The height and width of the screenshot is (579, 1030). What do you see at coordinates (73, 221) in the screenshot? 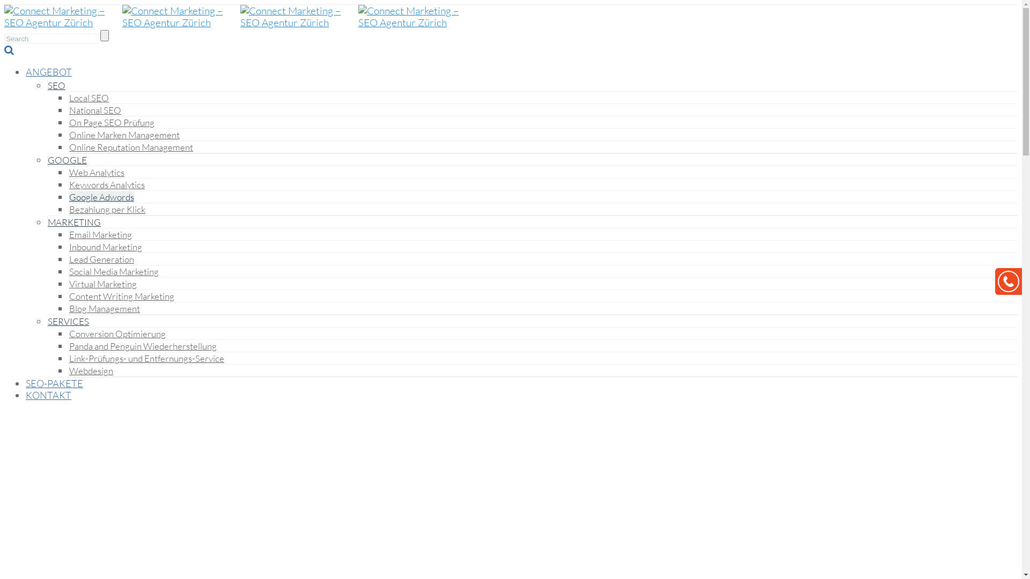
I see `'MARKETING'` at bounding box center [73, 221].